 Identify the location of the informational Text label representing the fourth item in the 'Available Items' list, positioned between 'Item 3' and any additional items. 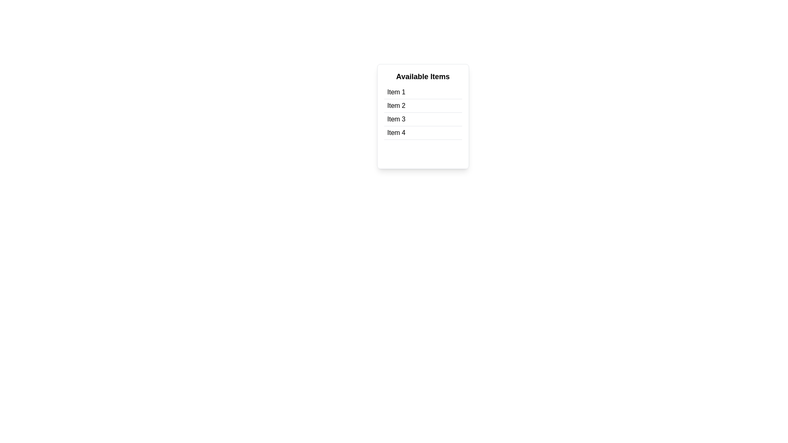
(396, 132).